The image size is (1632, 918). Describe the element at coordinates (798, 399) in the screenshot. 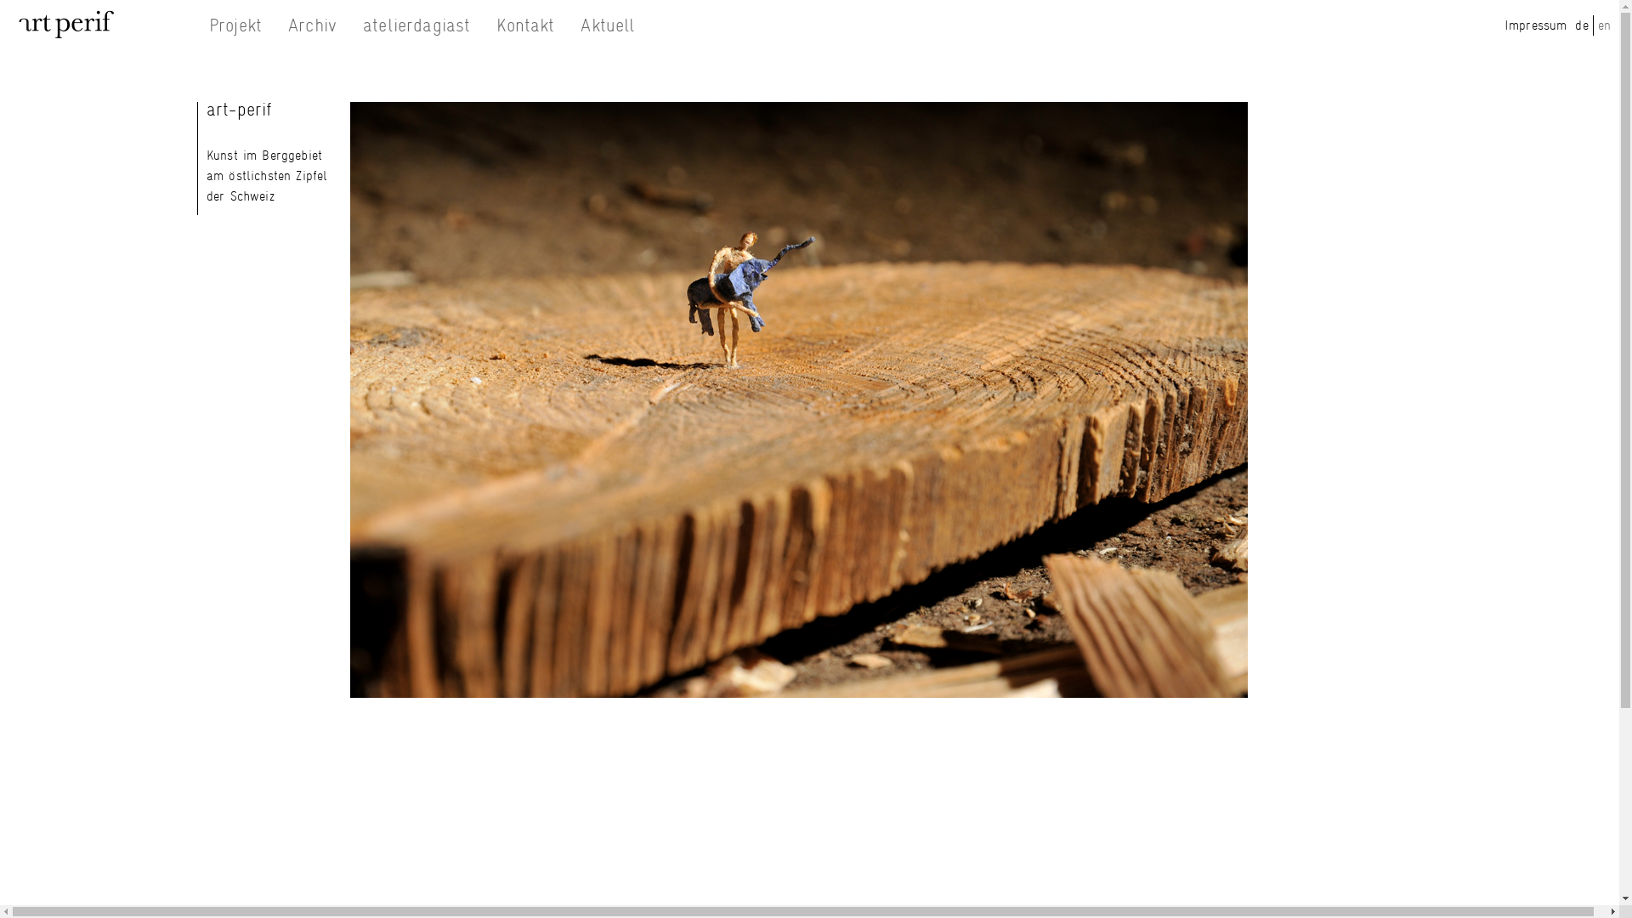

I see `'Nicole Dunn` at that location.